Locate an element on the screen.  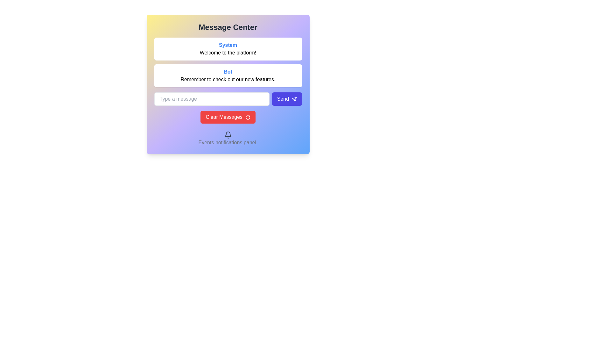
the refresh icon located on the right-hand side of the 'Clear Messages' button is located at coordinates (247, 117).